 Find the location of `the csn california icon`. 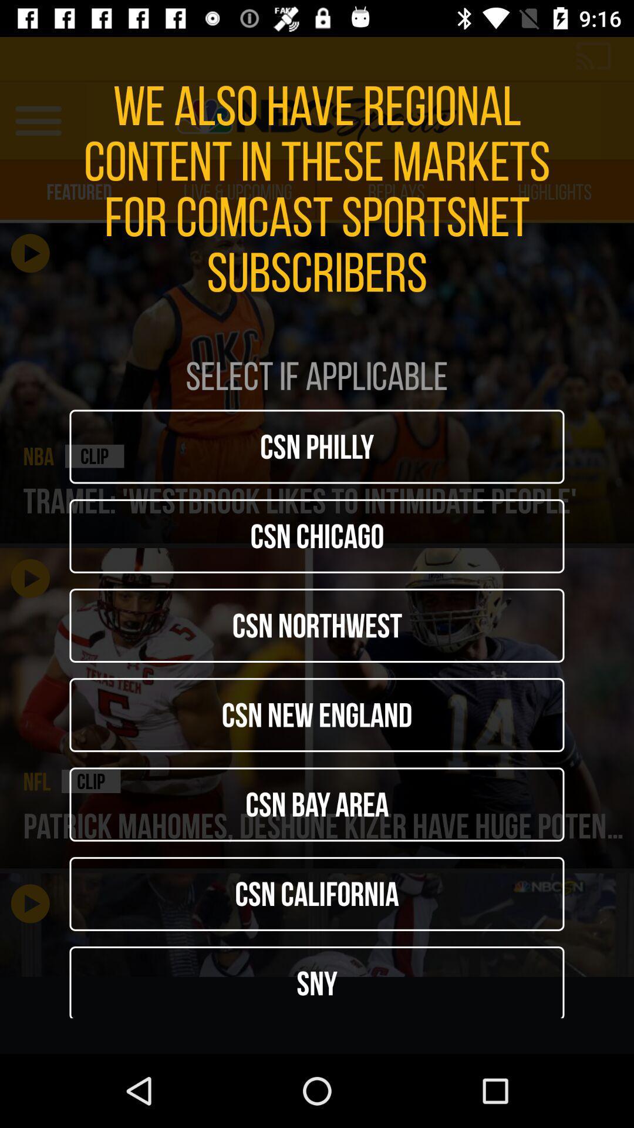

the csn california icon is located at coordinates (317, 893).